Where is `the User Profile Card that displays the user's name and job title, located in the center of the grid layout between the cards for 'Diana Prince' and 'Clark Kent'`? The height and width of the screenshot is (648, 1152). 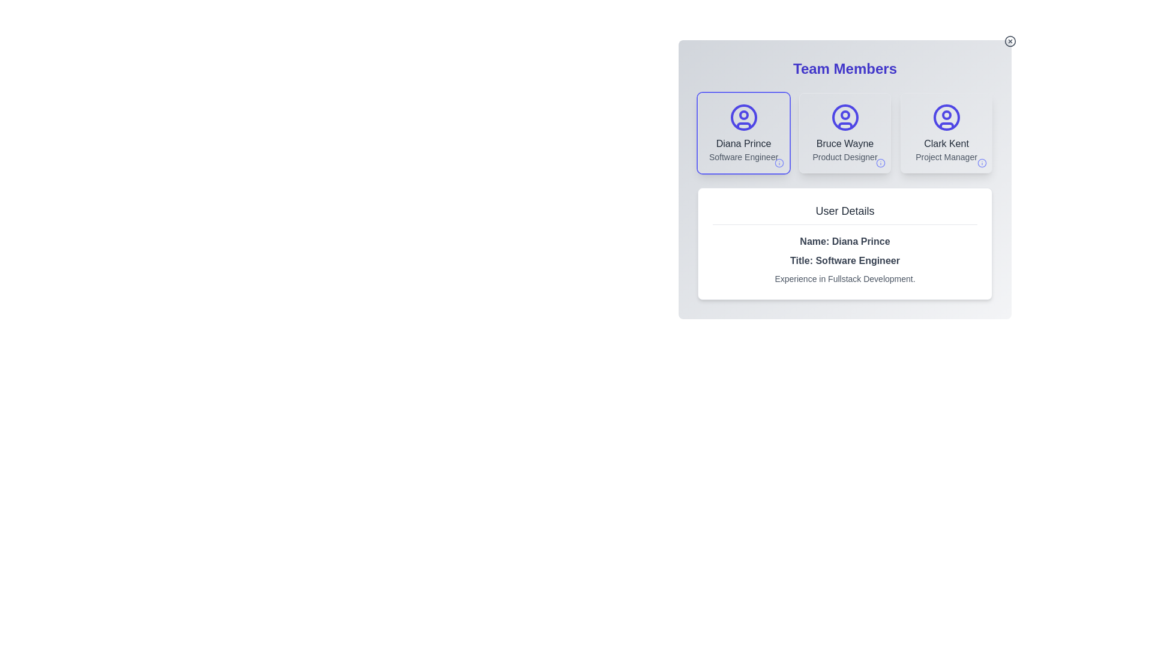 the User Profile Card that displays the user's name and job title, located in the center of the grid layout between the cards for 'Diana Prince' and 'Clark Kent' is located at coordinates (844, 133).